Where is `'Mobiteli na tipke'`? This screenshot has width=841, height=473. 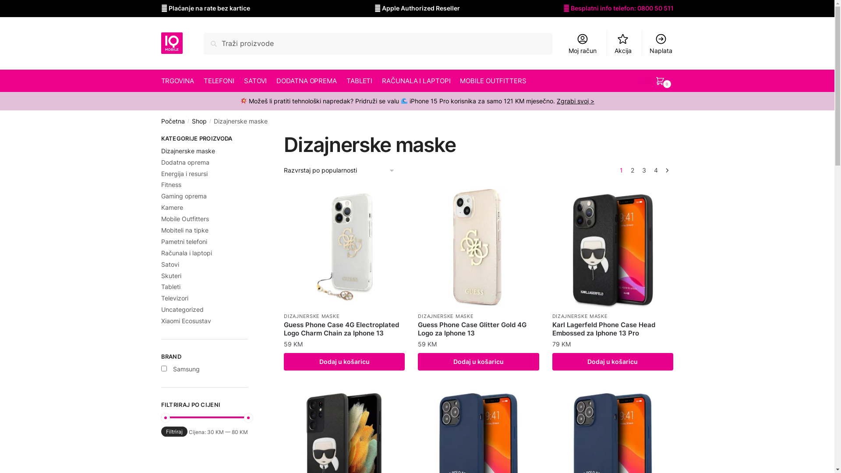 'Mobiteli na tipke' is located at coordinates (161, 229).